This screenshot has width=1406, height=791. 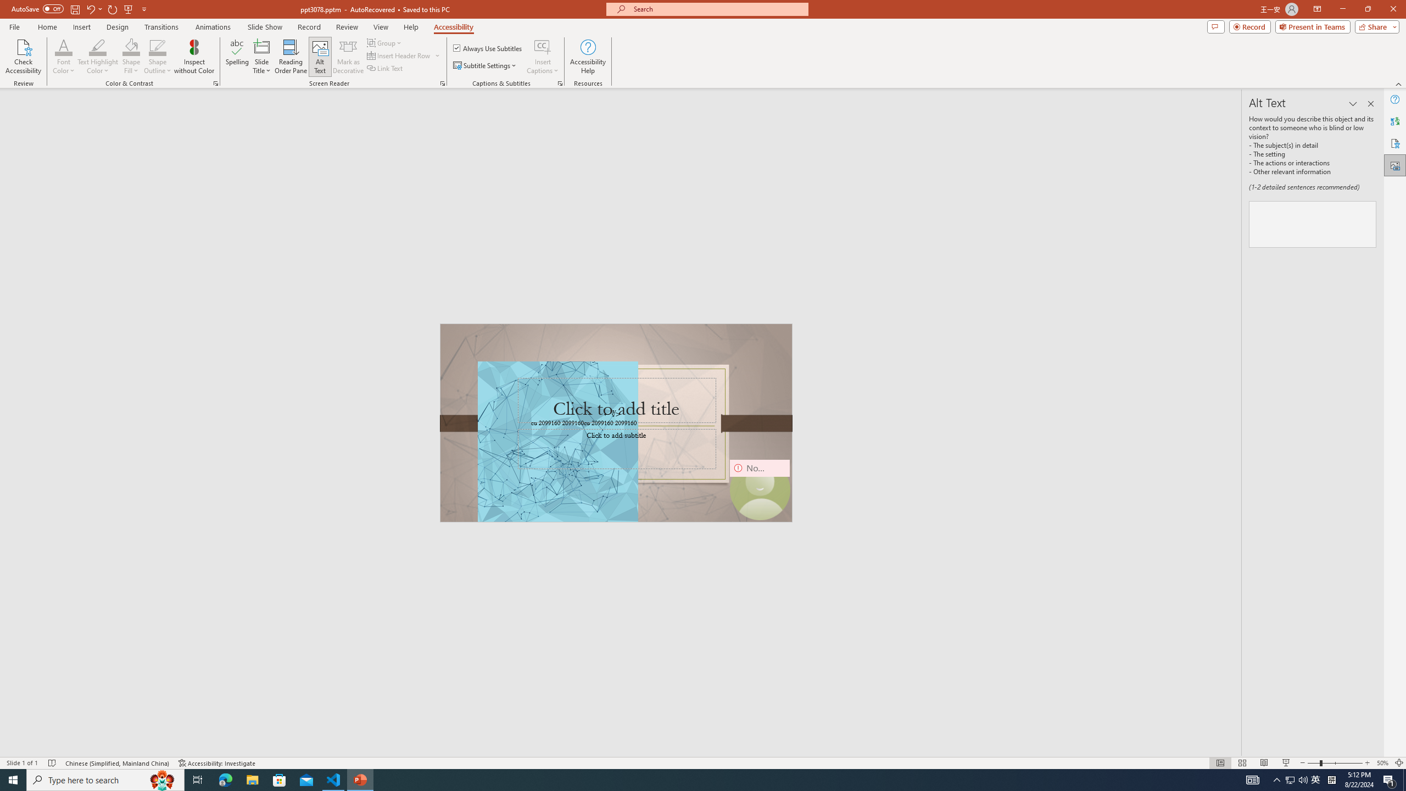 What do you see at coordinates (291, 57) in the screenshot?
I see `'Reading Order Pane'` at bounding box center [291, 57].